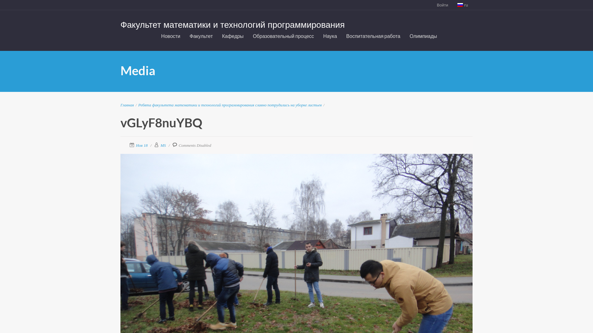 This screenshot has width=593, height=333. I want to click on 'ru', so click(462, 5).